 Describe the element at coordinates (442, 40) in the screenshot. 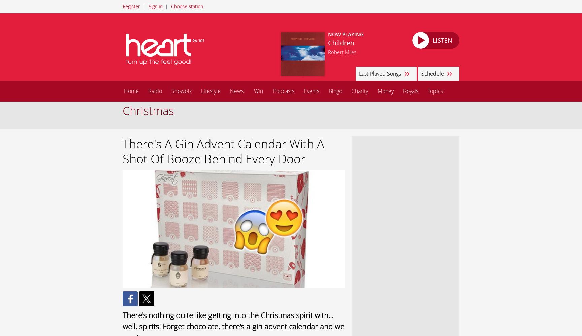

I see `'Listen'` at that location.